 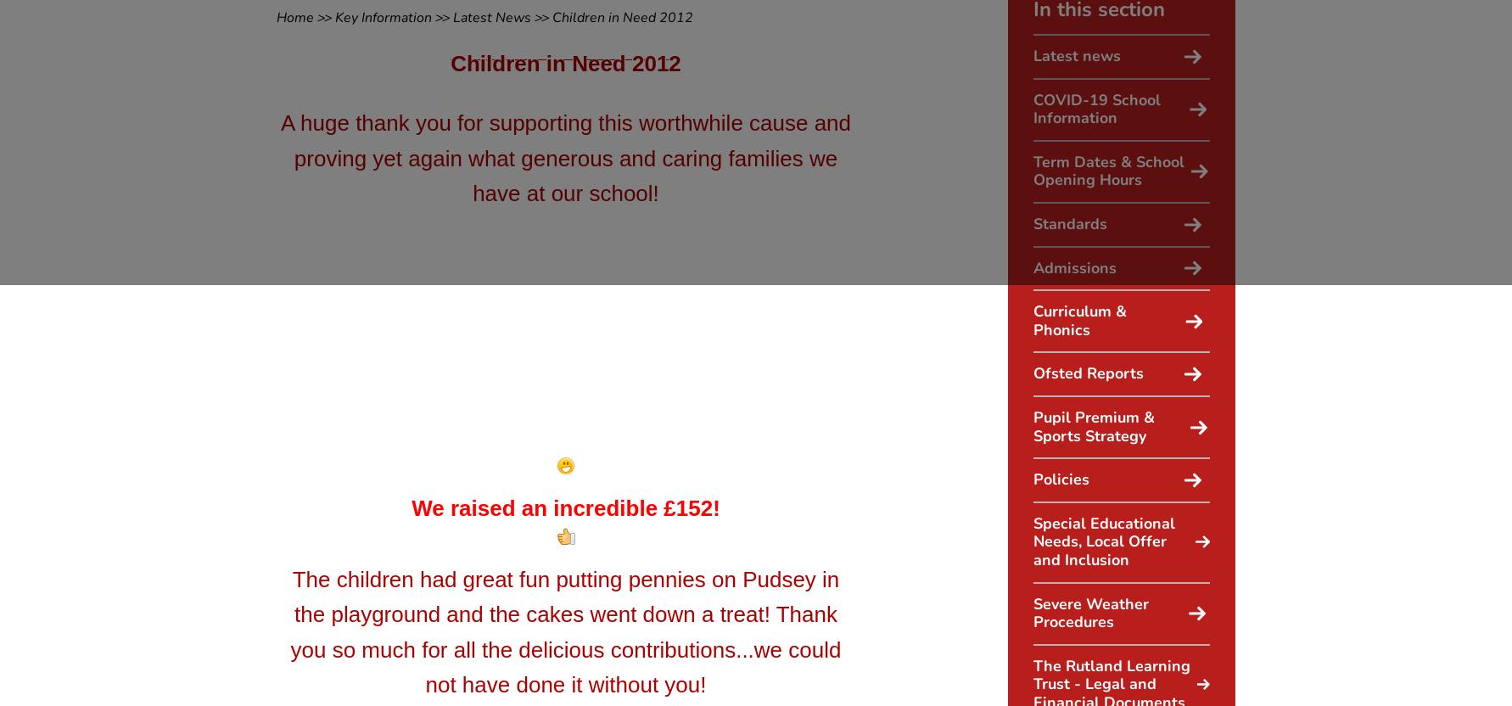 I want to click on 'Special Educational Needs, Local Offer and Inclusion', so click(x=1104, y=541).